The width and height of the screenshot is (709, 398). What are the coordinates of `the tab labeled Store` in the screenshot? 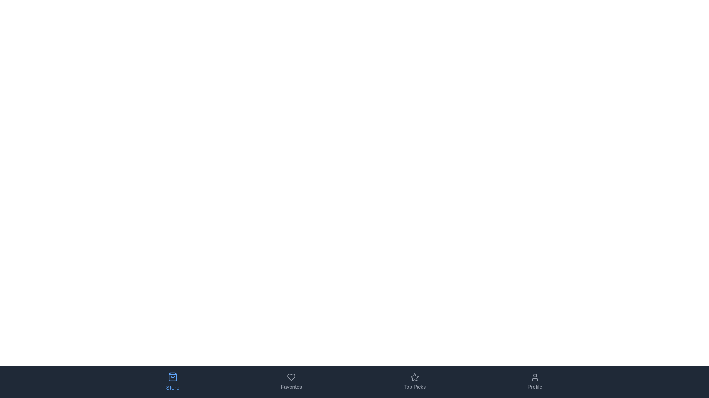 It's located at (172, 381).